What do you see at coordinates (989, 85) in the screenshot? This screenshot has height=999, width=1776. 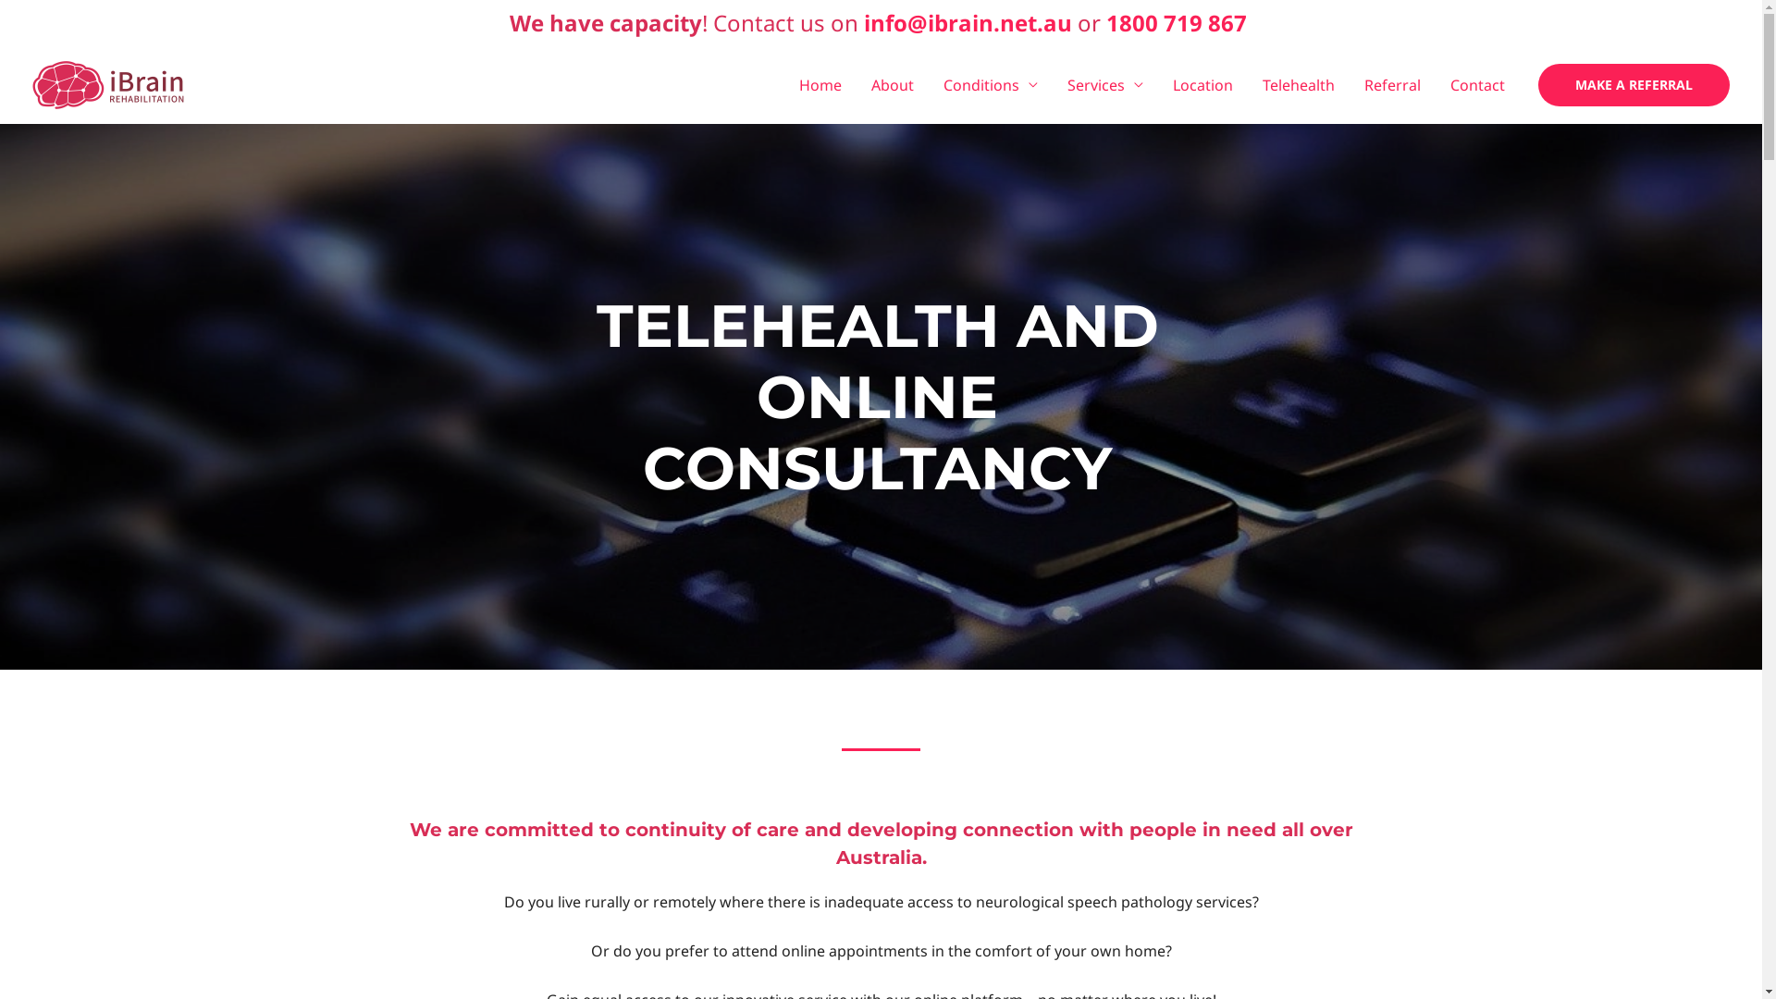 I see `'Conditions'` at bounding box center [989, 85].